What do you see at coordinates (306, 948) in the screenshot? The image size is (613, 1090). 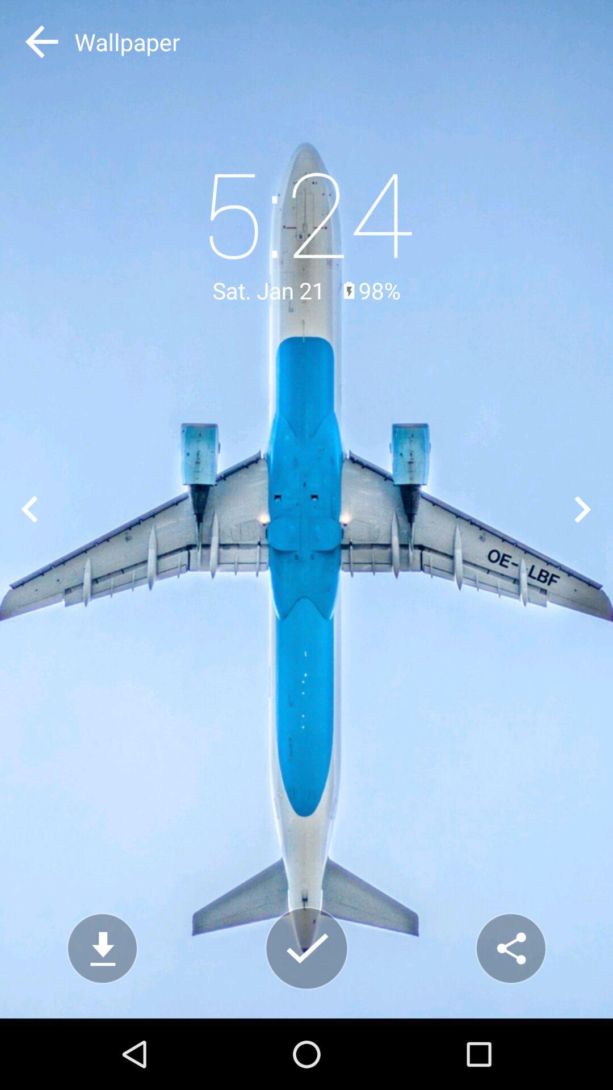 I see `apply wallpaper` at bounding box center [306, 948].